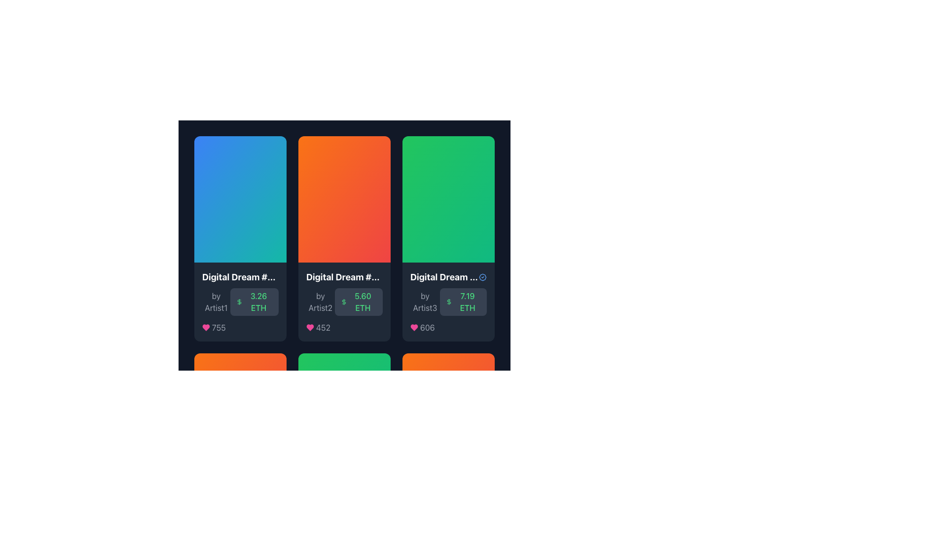 This screenshot has height=533, width=947. Describe the element at coordinates (239, 302) in the screenshot. I see `the dollar currency icon located to the left of the '3.26 ETH' text in the first card of the horizontally aligned card list` at that location.